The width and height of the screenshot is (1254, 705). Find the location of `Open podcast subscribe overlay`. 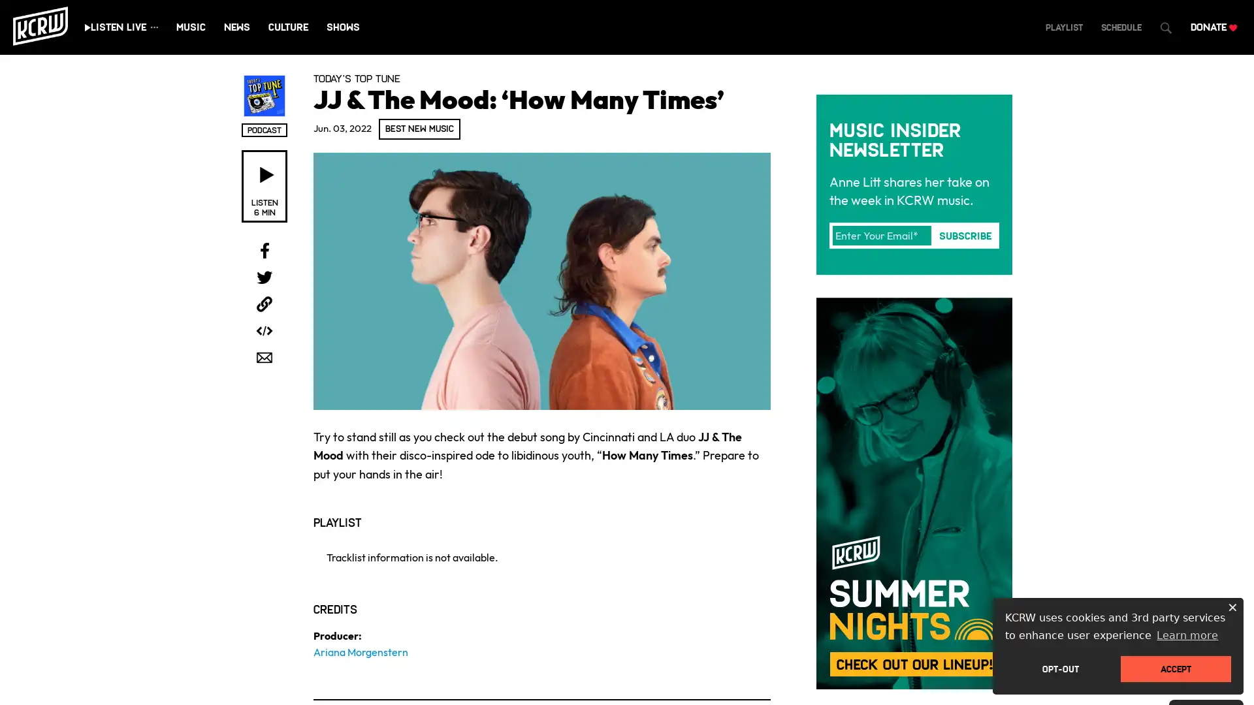

Open podcast subscribe overlay is located at coordinates (263, 130).